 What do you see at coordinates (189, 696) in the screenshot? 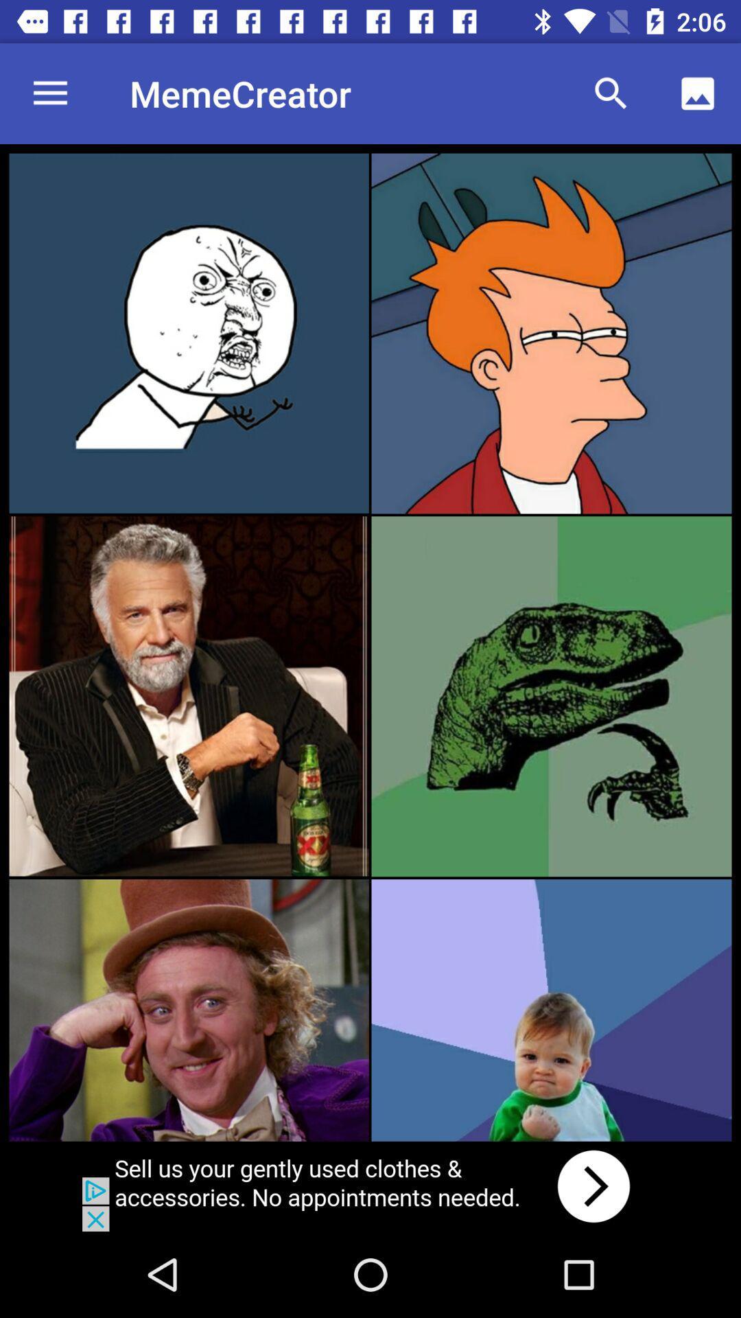
I see `the image` at bounding box center [189, 696].